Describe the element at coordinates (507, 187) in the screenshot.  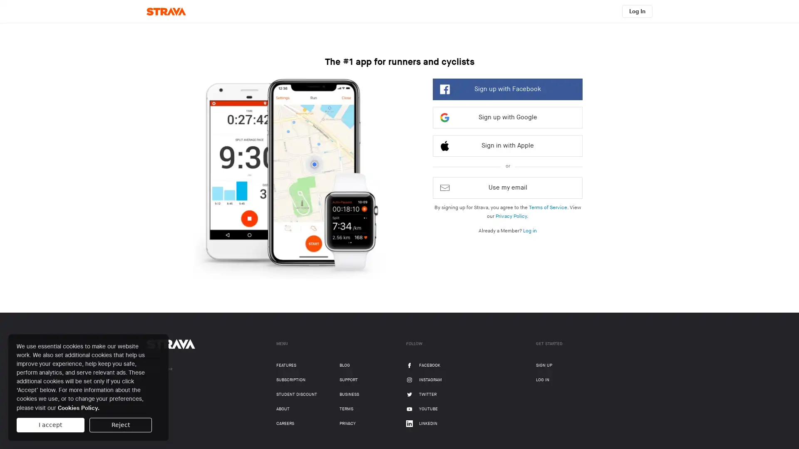
I see `Use my email` at that location.